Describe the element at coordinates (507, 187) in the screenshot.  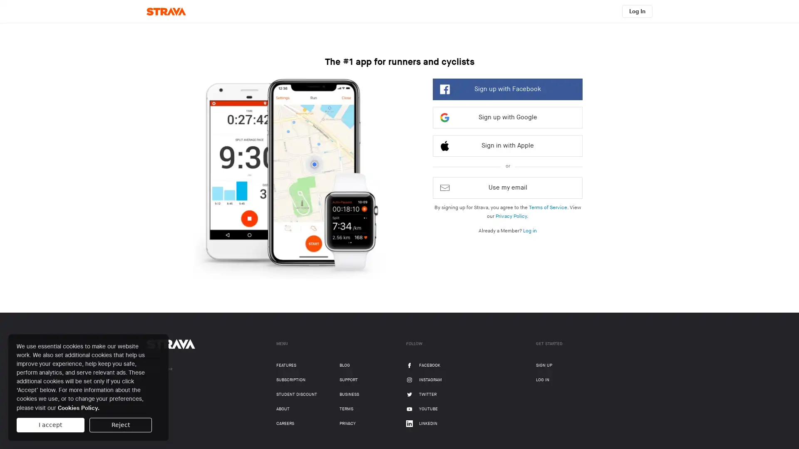
I see `Use my email` at that location.